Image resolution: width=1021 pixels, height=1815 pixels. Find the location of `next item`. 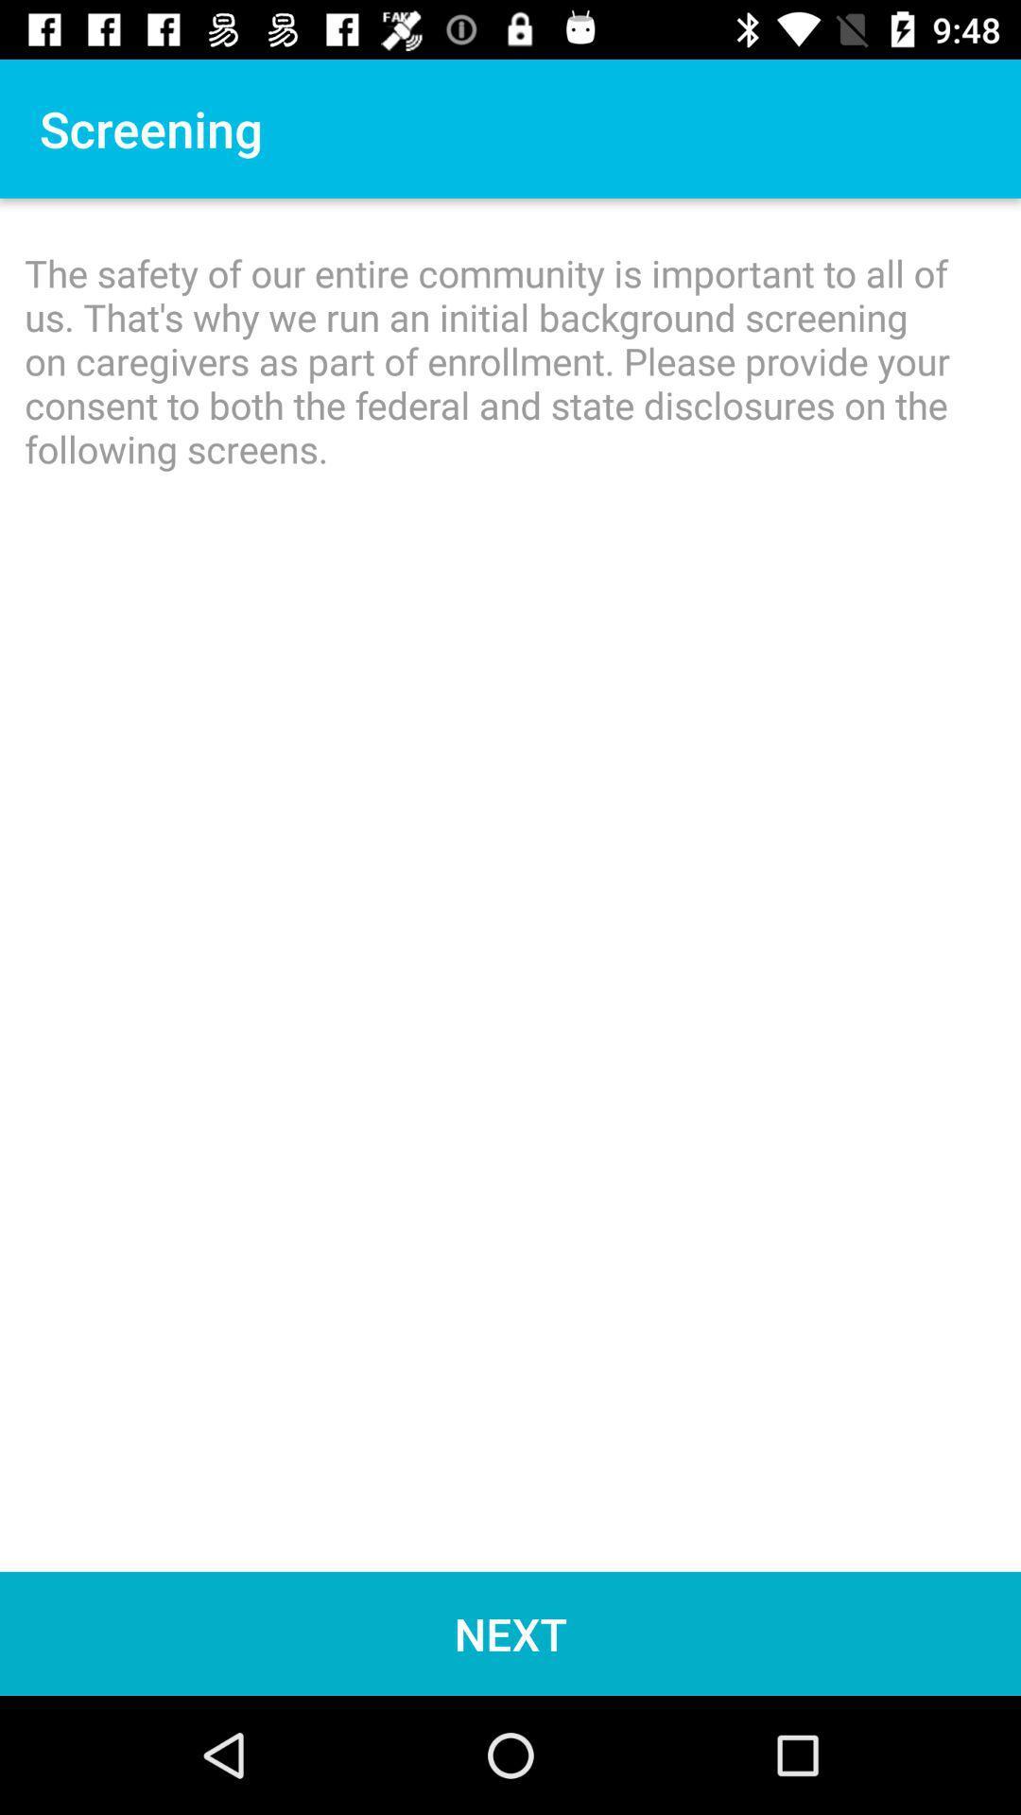

next item is located at coordinates (510, 1633).